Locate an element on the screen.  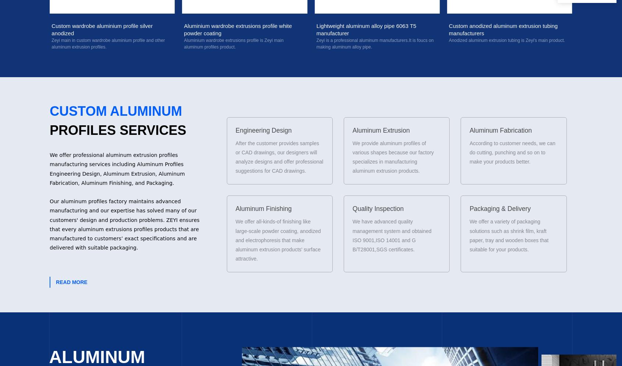
'READ MORE' is located at coordinates (71, 282).